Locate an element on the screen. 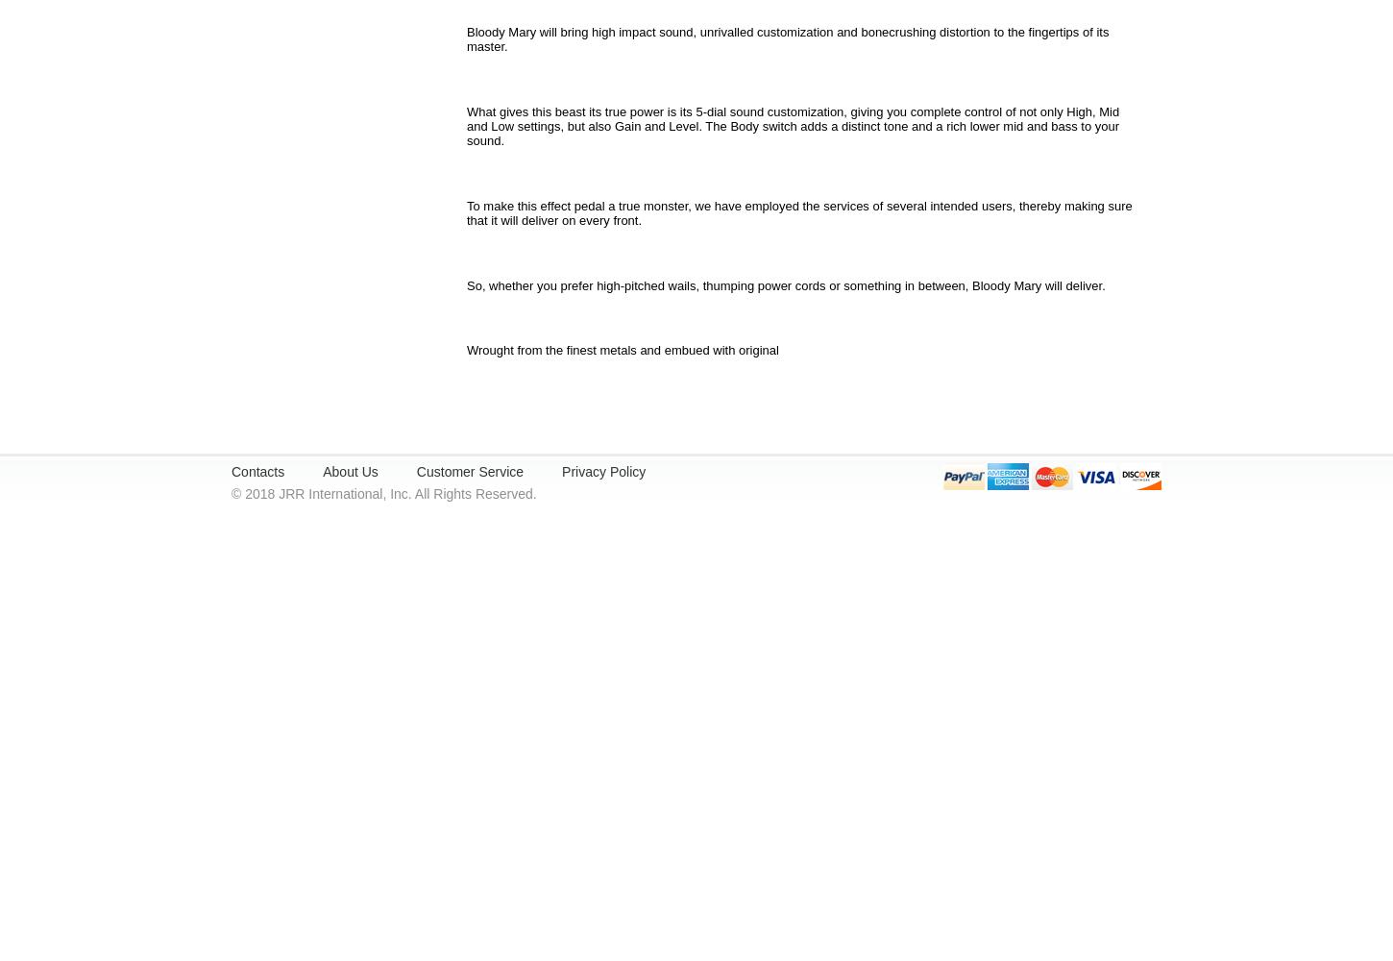 The height and width of the screenshot is (961, 1393). 'Bloody Mary will bring high impact sound, unrivalled customization and bonecrushing distortion to the fingertips of its master.' is located at coordinates (467, 39).